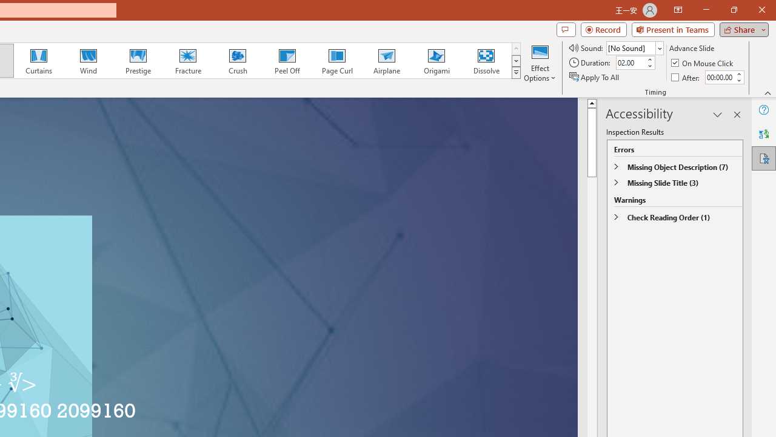 This screenshot has width=776, height=437. What do you see at coordinates (436, 61) in the screenshot?
I see `'Origami'` at bounding box center [436, 61].